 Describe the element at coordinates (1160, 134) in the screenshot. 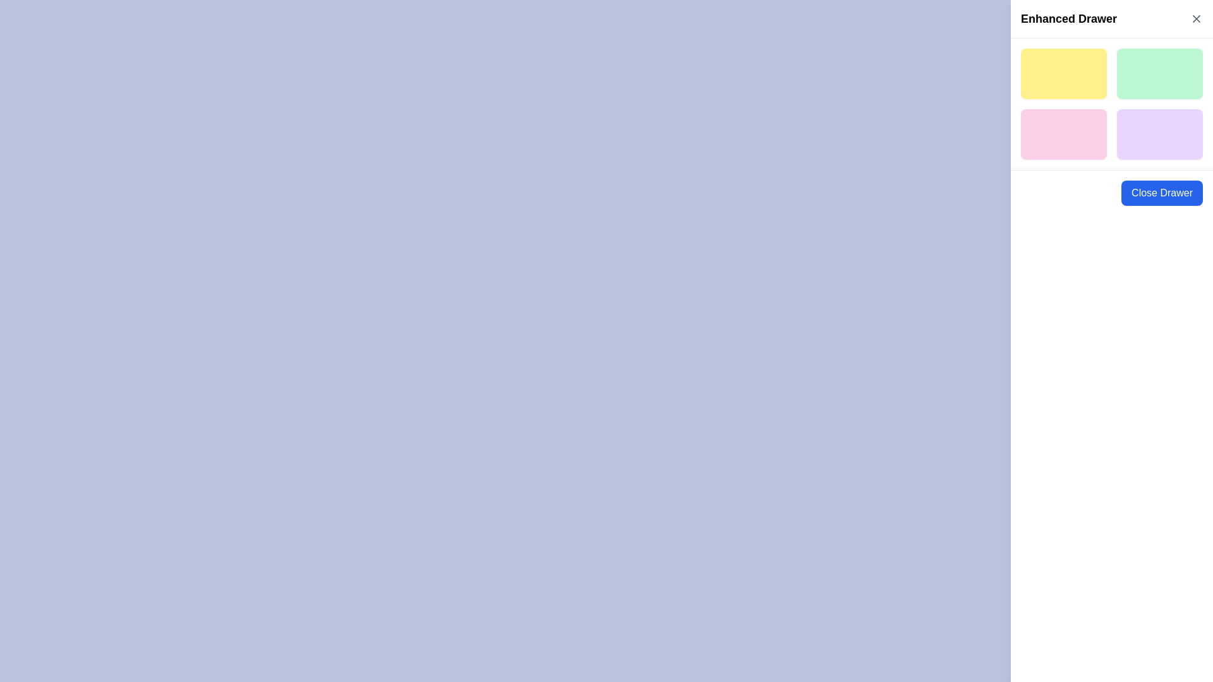

I see `the rectangular card with a light purple background located in the bottom-right corner of the grid within the 'Enhanced Drawer' panel` at that location.